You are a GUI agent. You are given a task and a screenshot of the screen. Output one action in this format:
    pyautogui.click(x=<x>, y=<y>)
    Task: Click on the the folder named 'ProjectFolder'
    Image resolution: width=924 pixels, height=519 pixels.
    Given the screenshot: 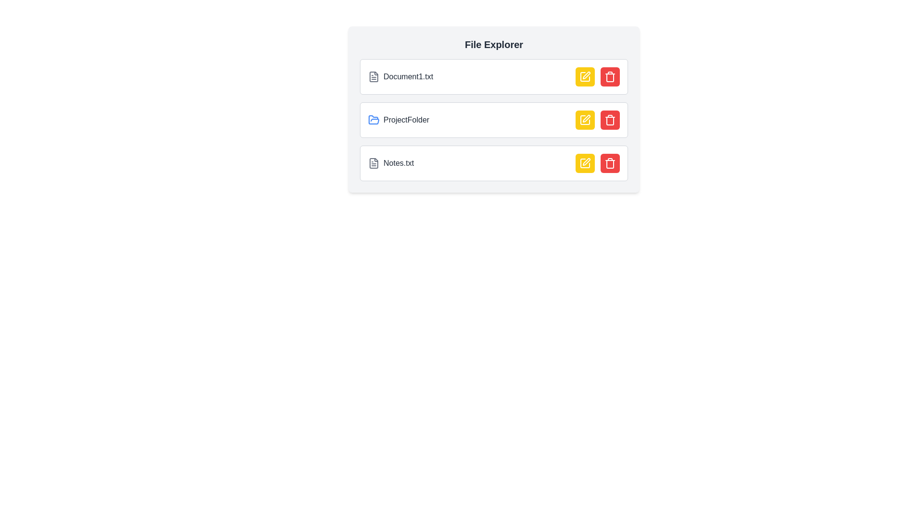 What is the action you would take?
    pyautogui.click(x=398, y=120)
    